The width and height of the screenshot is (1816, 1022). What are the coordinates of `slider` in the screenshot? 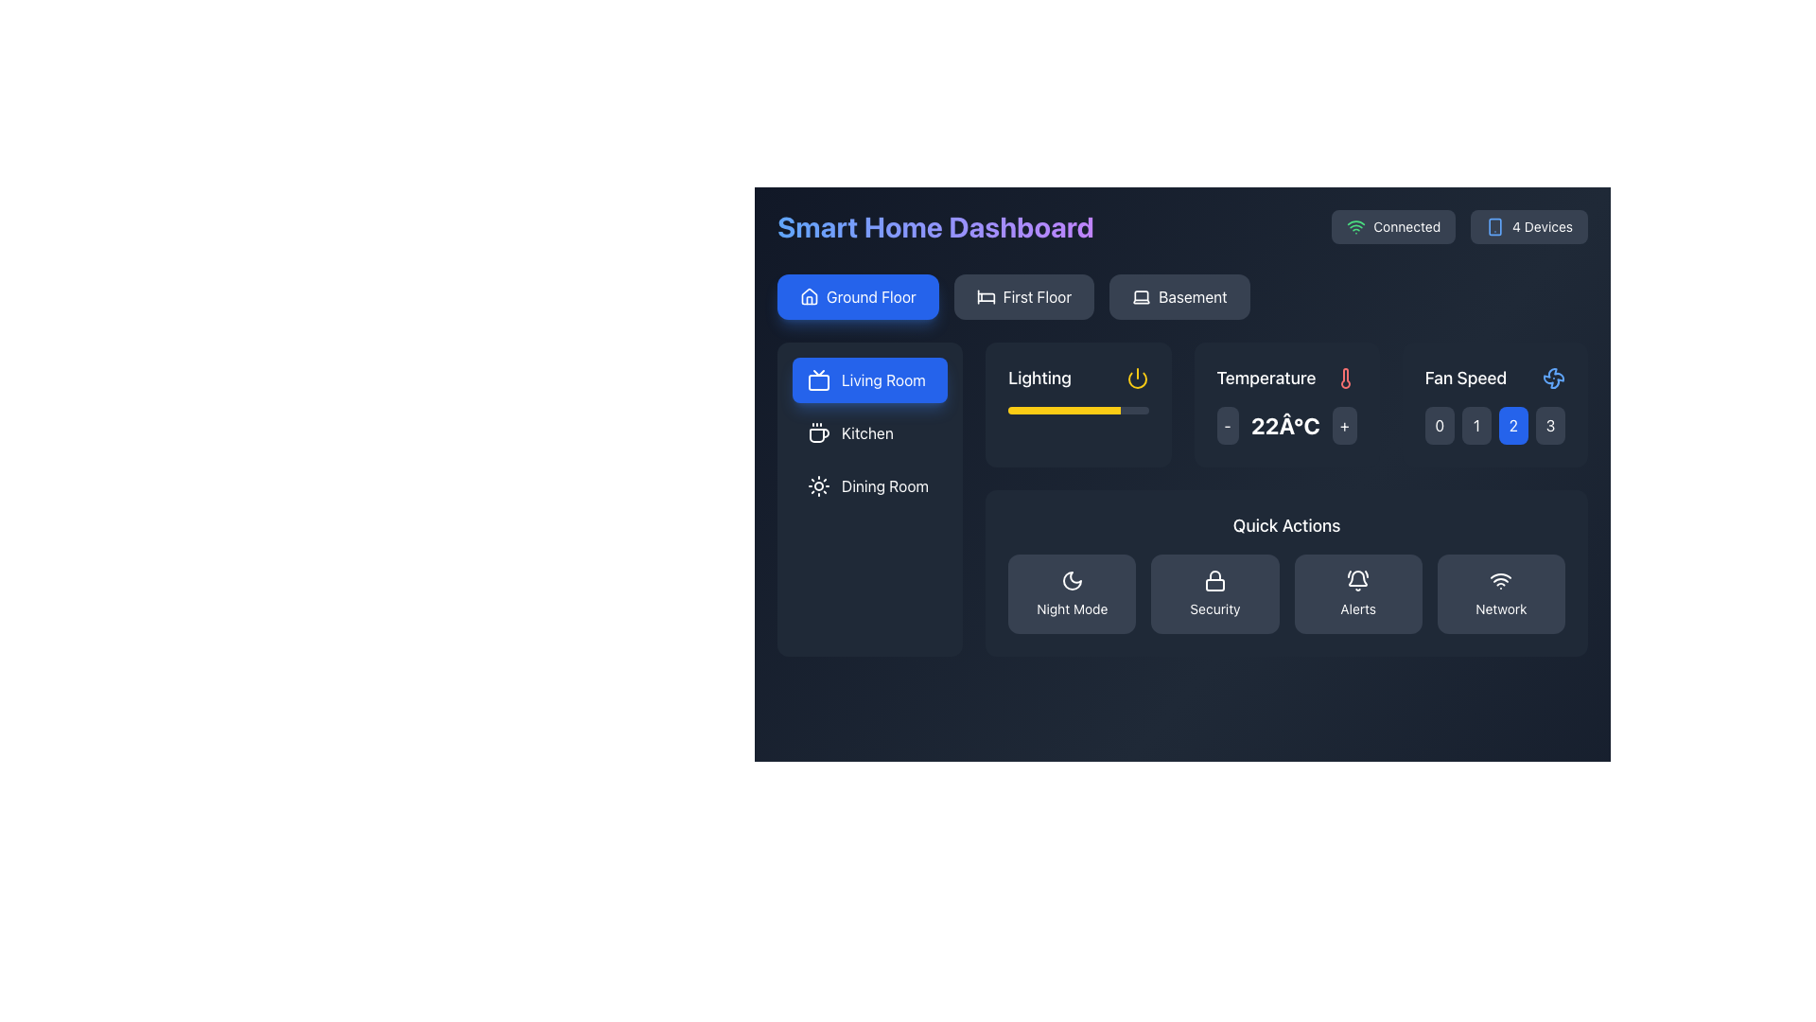 It's located at (1064, 410).